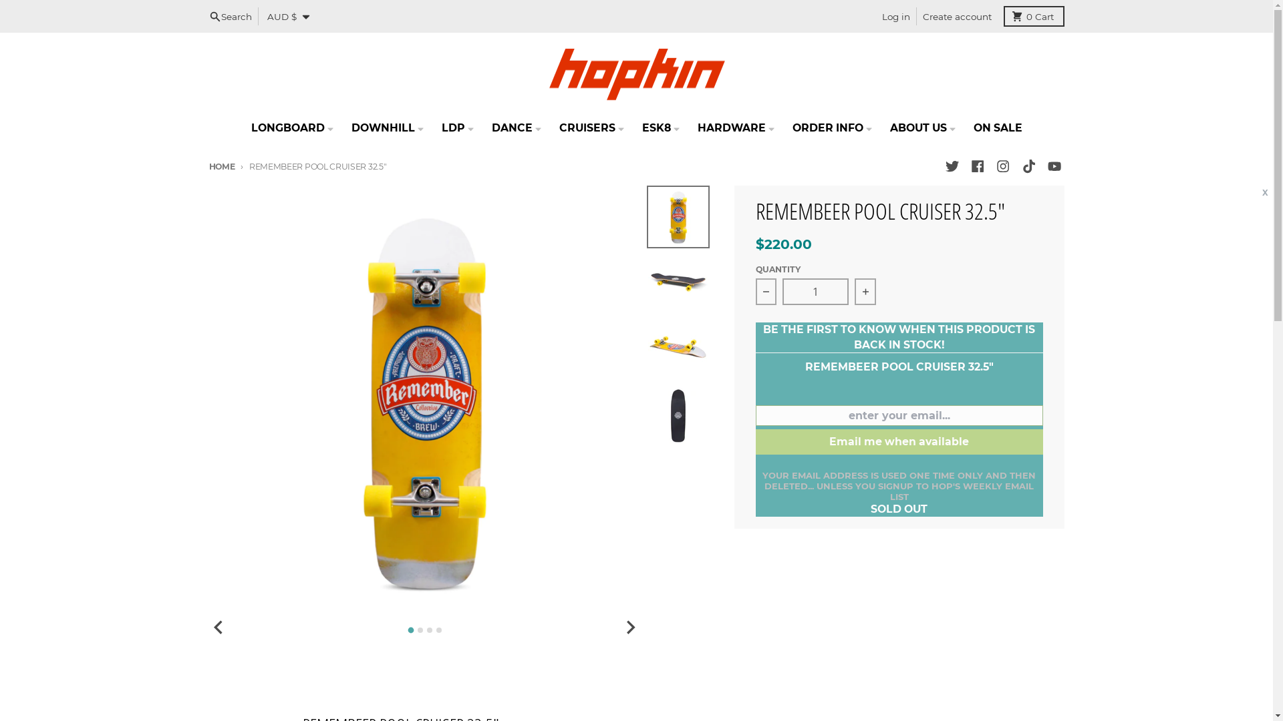 Image resolution: width=1283 pixels, height=721 pixels. Describe the element at coordinates (208, 185) in the screenshot. I see `'Skip to product information'` at that location.